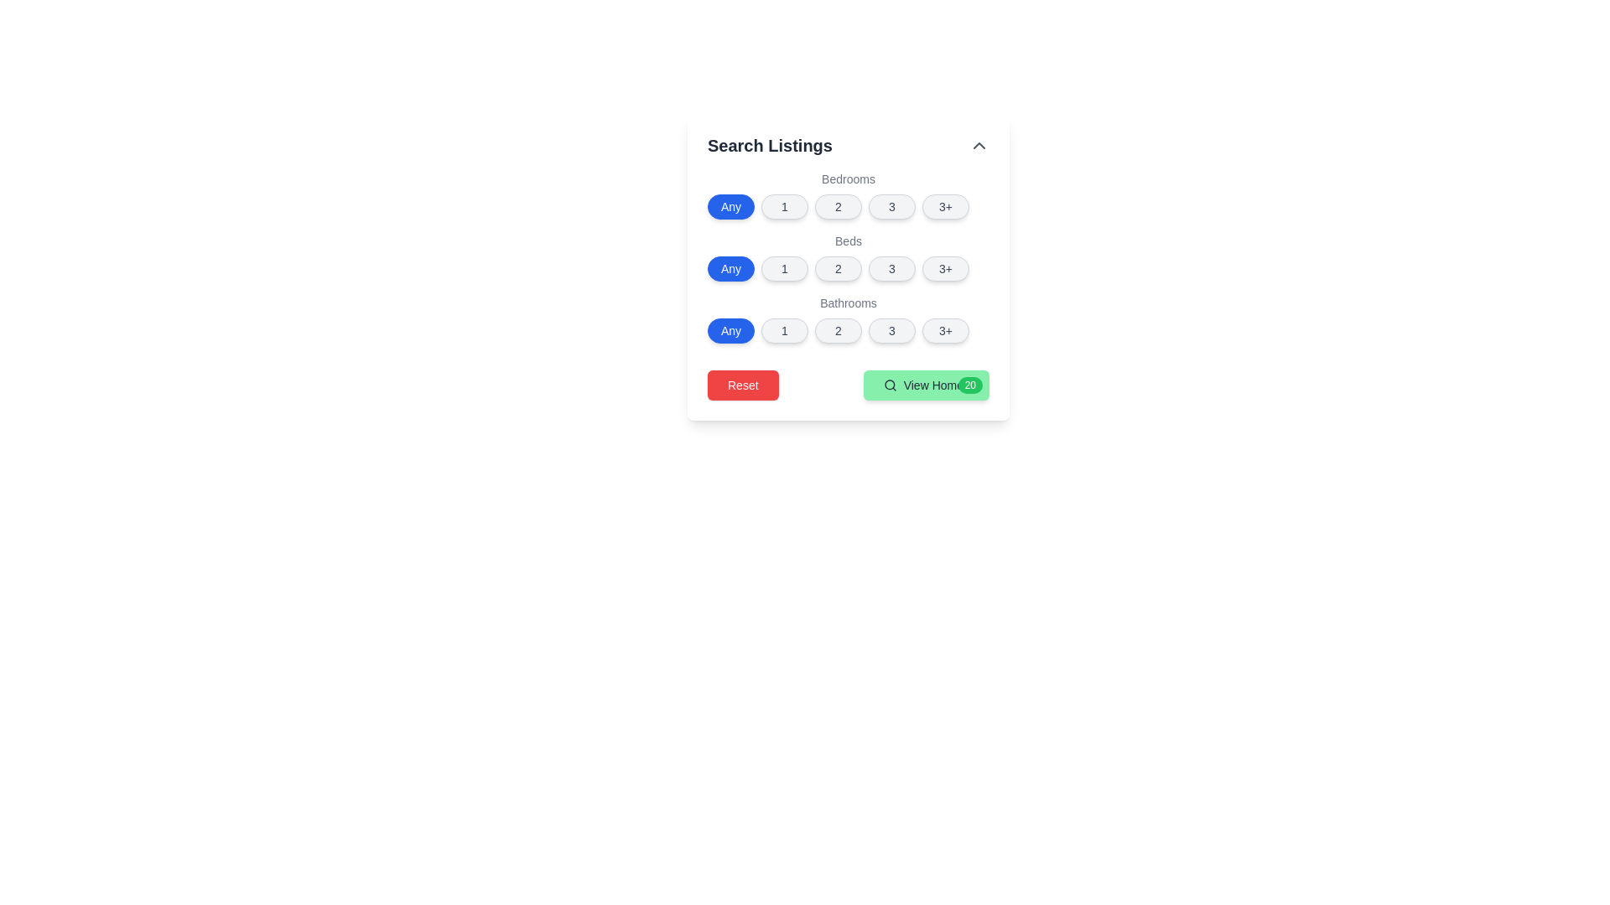 Image resolution: width=1610 pixels, height=905 pixels. I want to click on the '3+' option in the segmented button group for filtering the number of bedrooms in the search listings, so click(849, 194).